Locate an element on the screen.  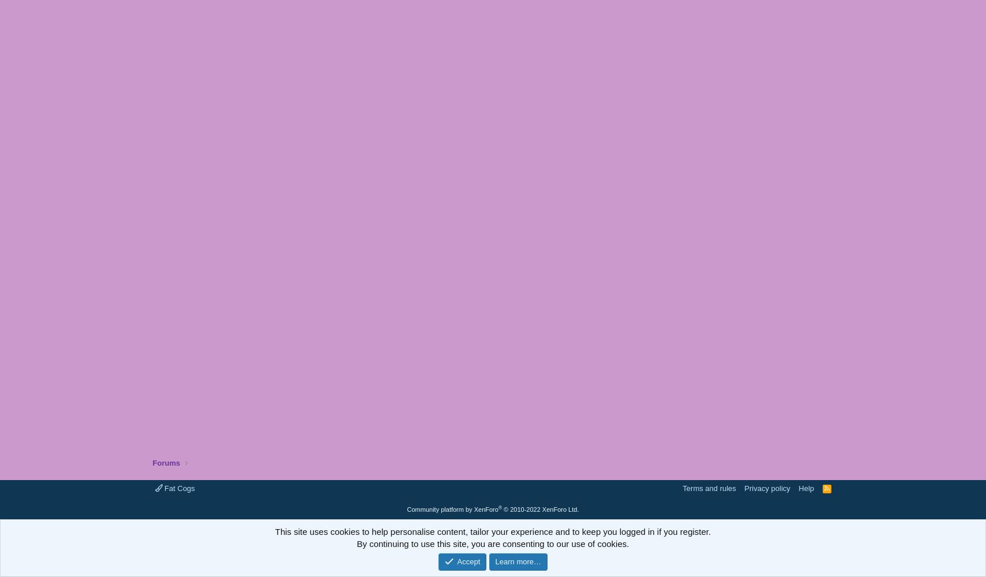
'Terms and rules' is located at coordinates (708, 488).